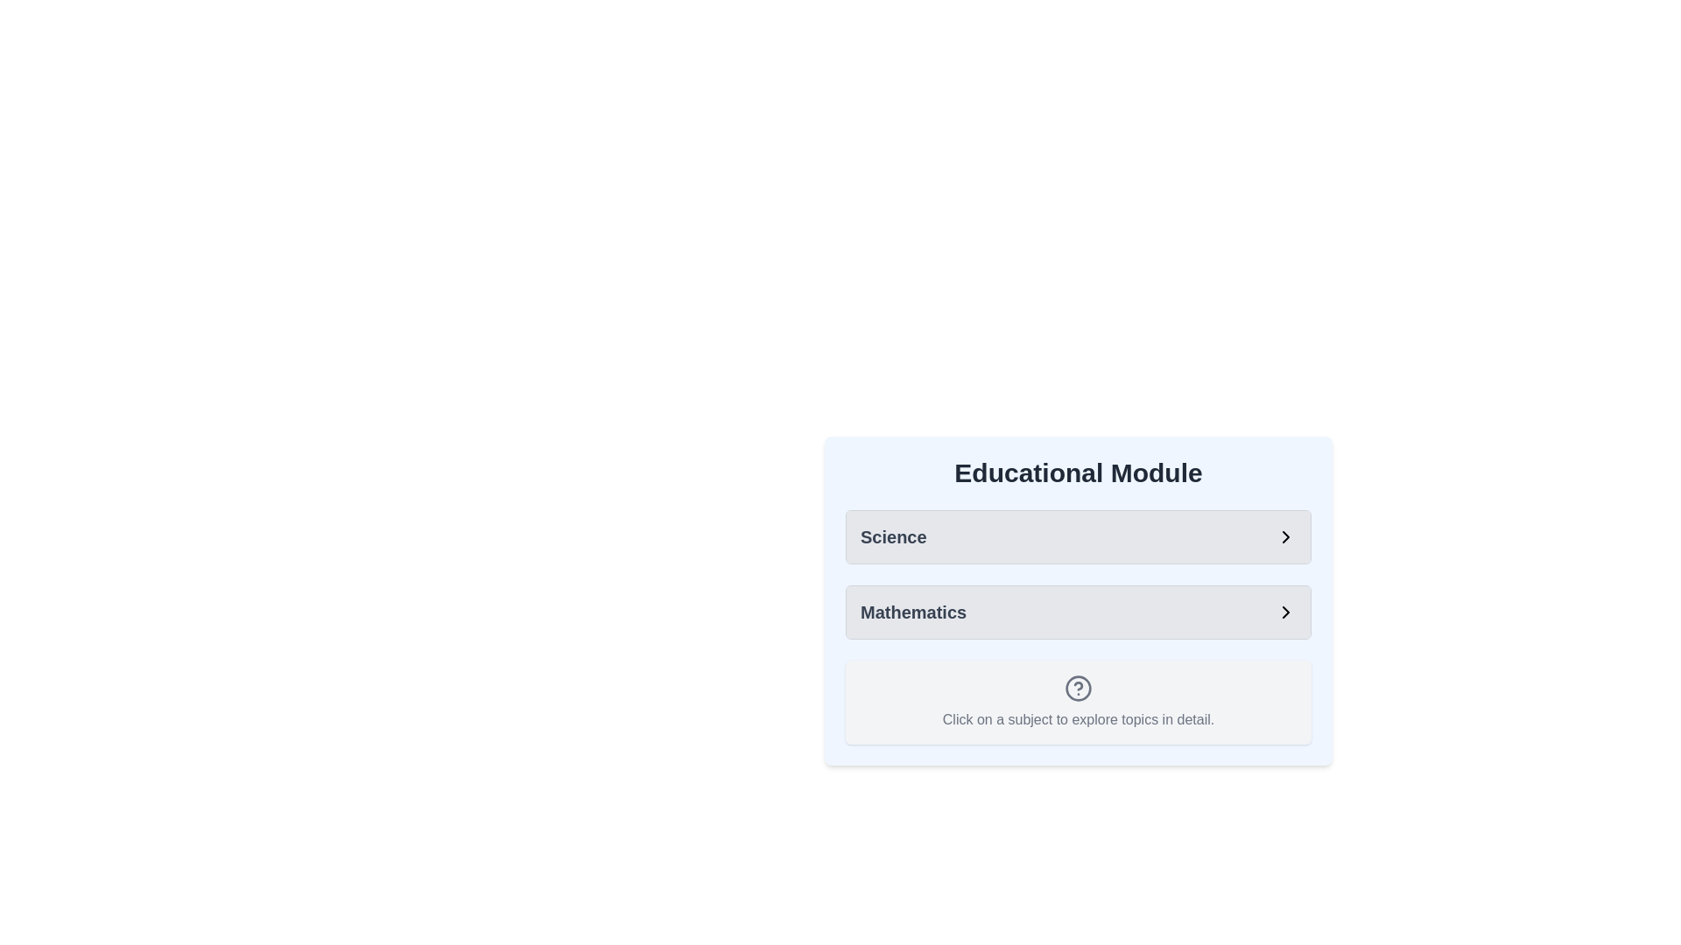  Describe the element at coordinates (1285, 535) in the screenshot. I see `the right-pointing chevron icon located at the far right of the 'Science' row in the 'Educational Module' section` at that location.